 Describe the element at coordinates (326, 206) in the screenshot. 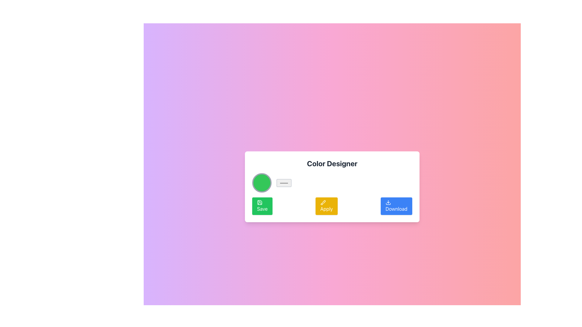

I see `the 'Apply' button, which is a rectangular button with a yellow background and a white text label` at that location.